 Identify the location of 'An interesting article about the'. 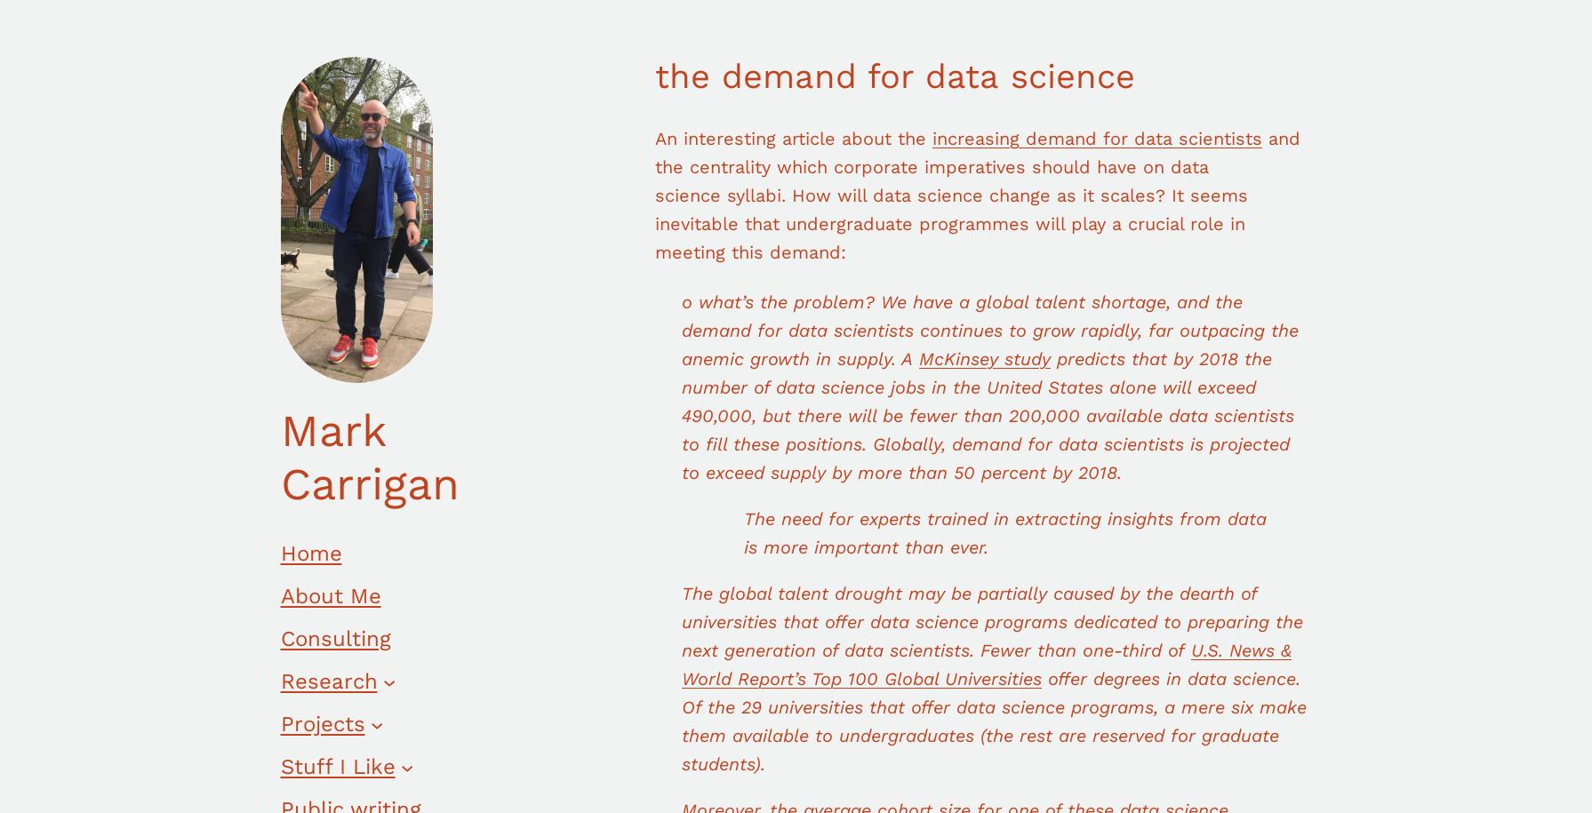
(792, 137).